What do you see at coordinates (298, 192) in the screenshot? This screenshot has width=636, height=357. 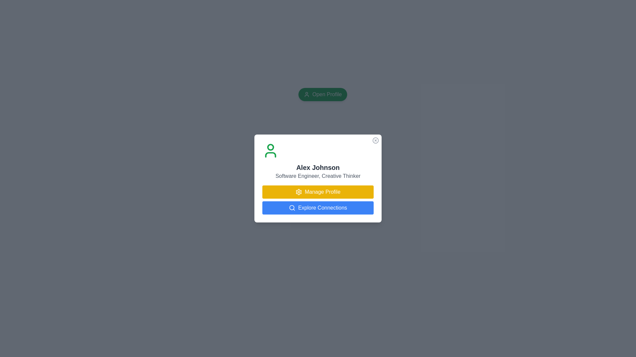 I see `the gear-shaped settings icon with a yellow background located within the 'Manage Profile' button on the user profile card` at bounding box center [298, 192].